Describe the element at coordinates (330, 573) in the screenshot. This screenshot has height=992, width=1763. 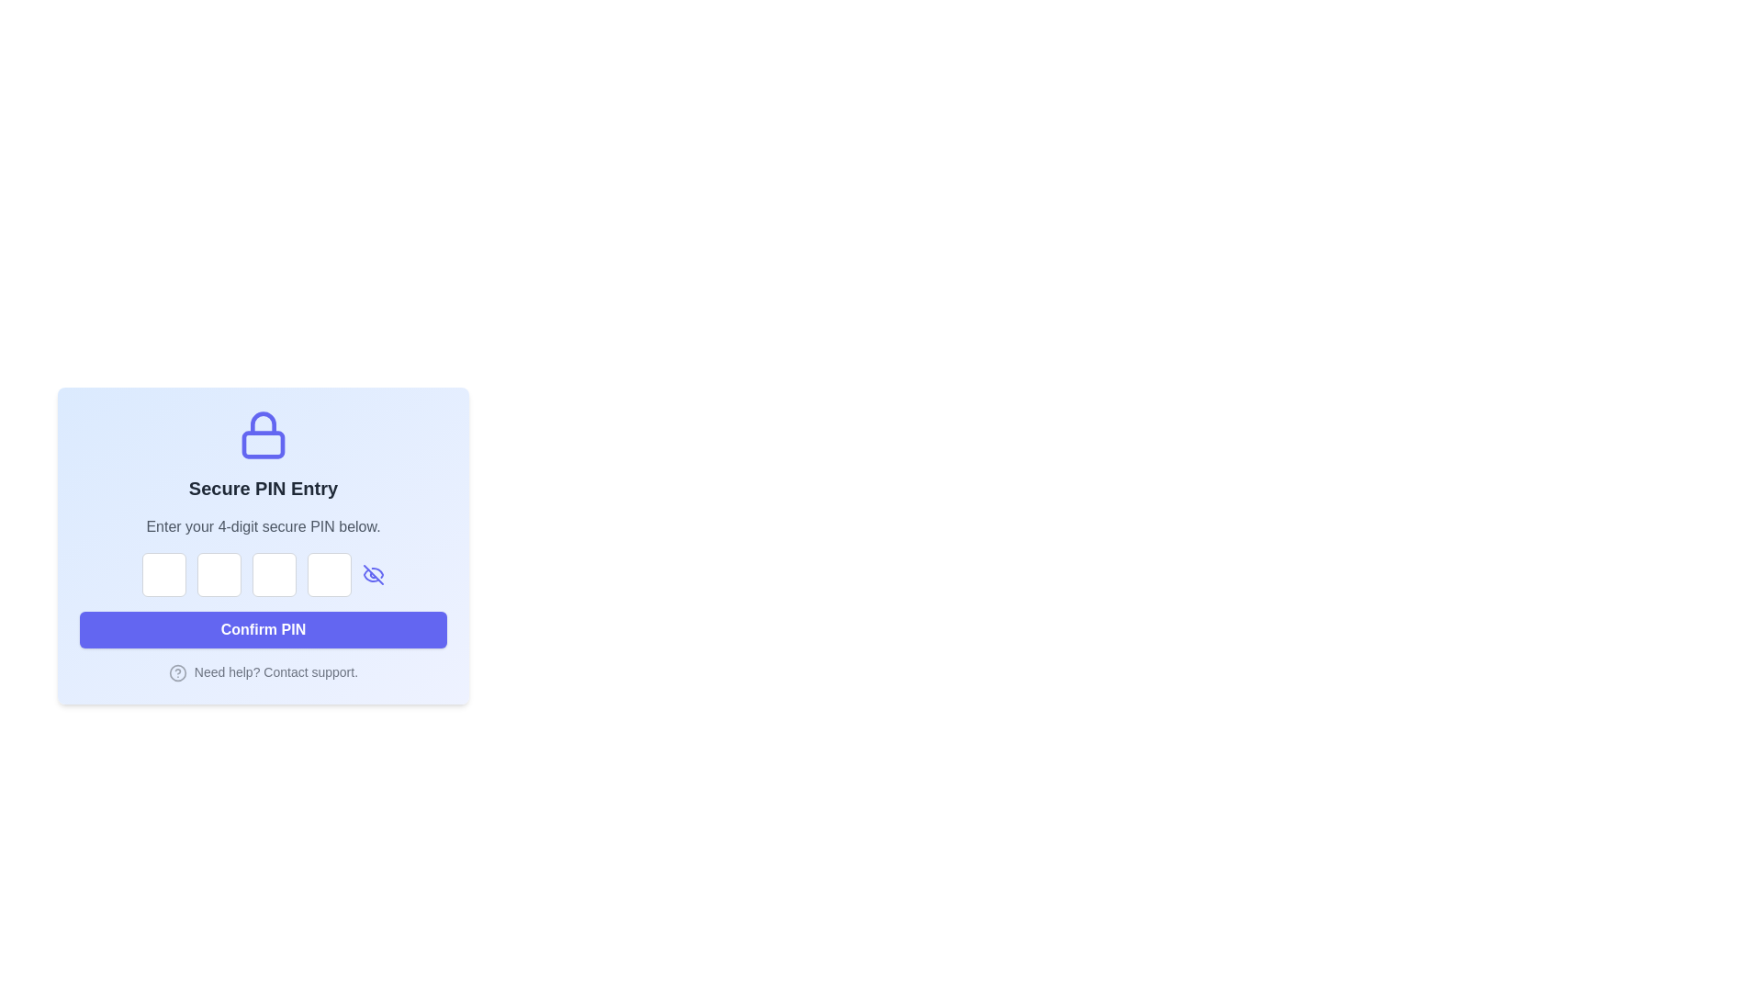
I see `the fourth text input field for entering a single character of a 4-digit secure PIN code, then simulate pressing the backspace key` at that location.